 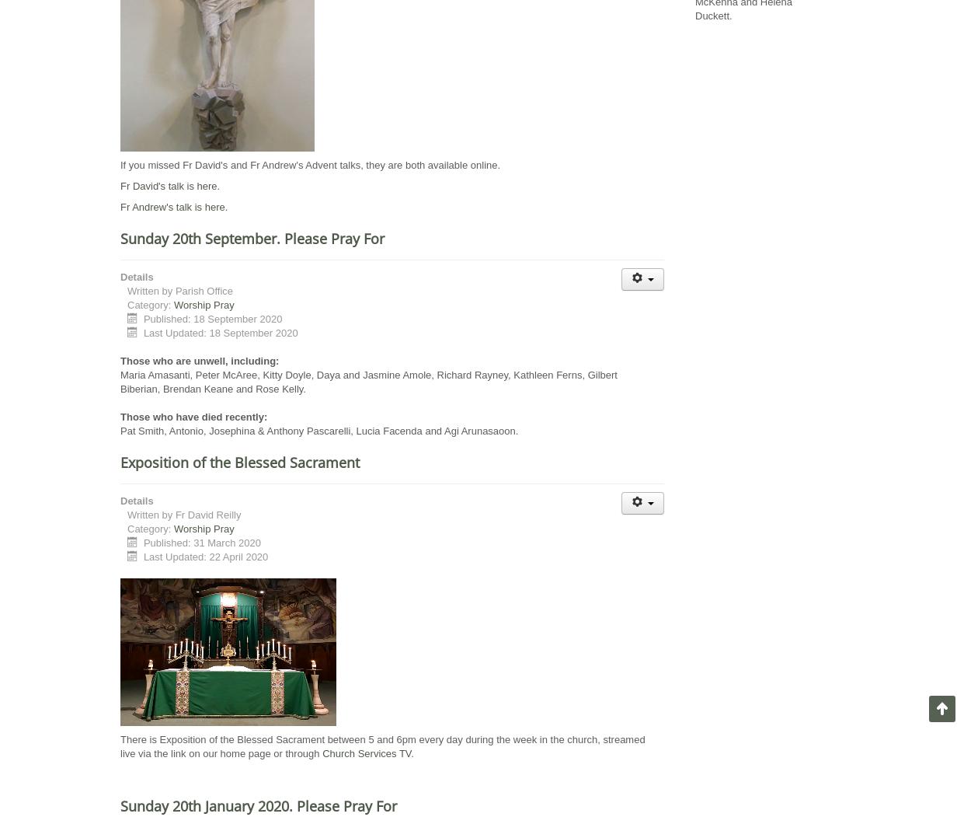 I want to click on 'Those who are unwell, including:', so click(x=202, y=360).